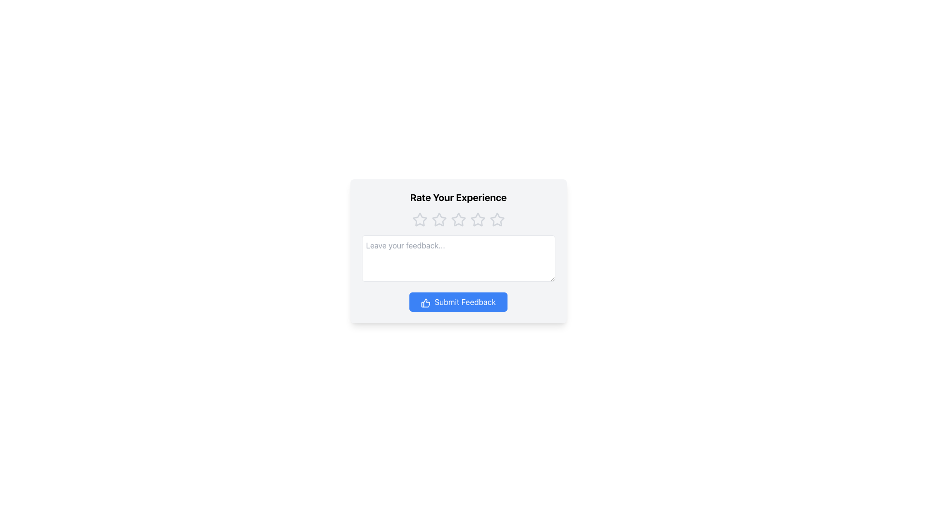 The image size is (928, 522). What do you see at coordinates (458, 301) in the screenshot?
I see `the 'Submit Feedback' button, which has a blue background, white text, and a thumbs-up icon on its left side, located at the bottom center of the card component` at bounding box center [458, 301].